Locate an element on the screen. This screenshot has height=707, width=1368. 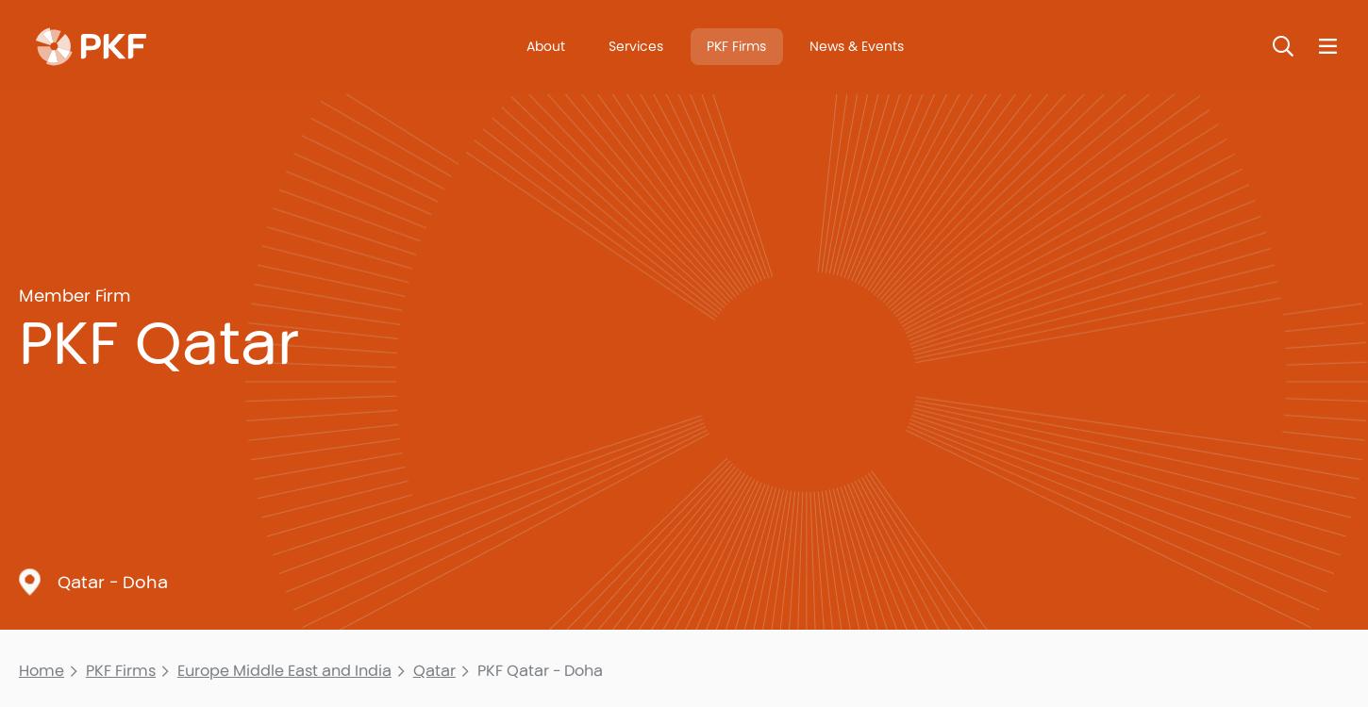
'PKF Qatar' is located at coordinates (158, 341).